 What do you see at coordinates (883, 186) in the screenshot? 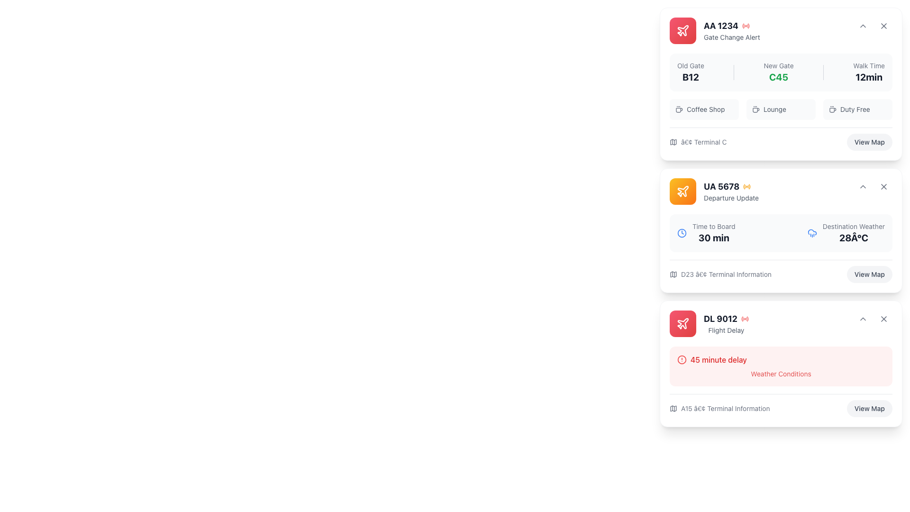
I see `the small 'X' icon in the top-right corner of the card labeled 'UA 5678'` at bounding box center [883, 186].